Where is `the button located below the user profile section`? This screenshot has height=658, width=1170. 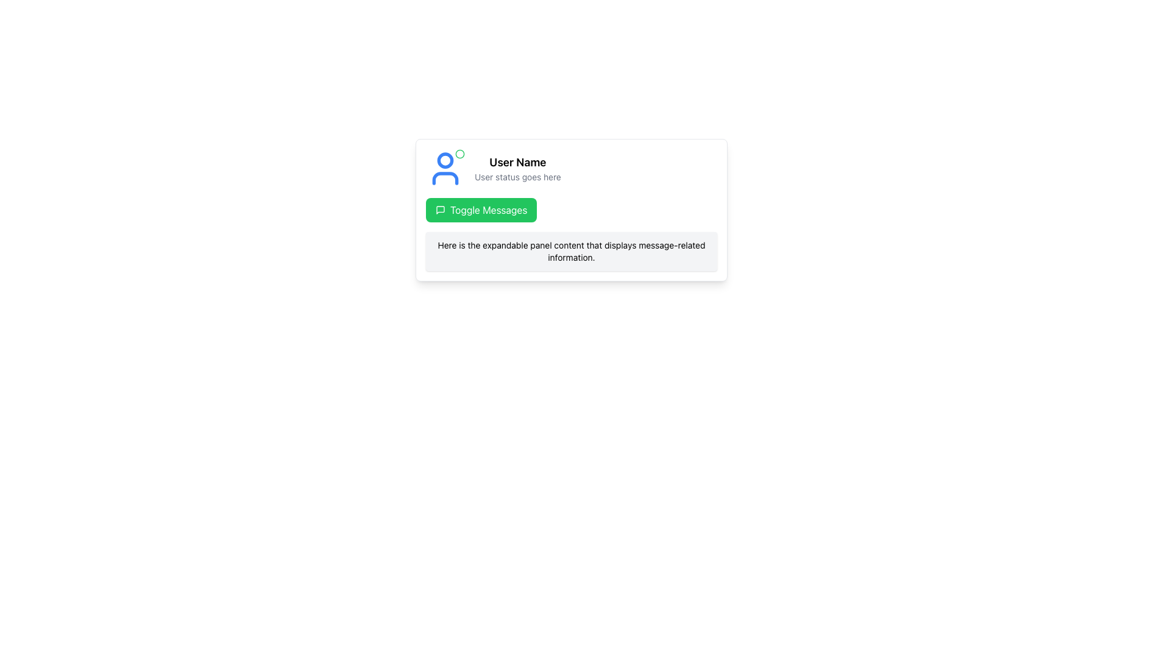
the button located below the user profile section is located at coordinates (481, 209).